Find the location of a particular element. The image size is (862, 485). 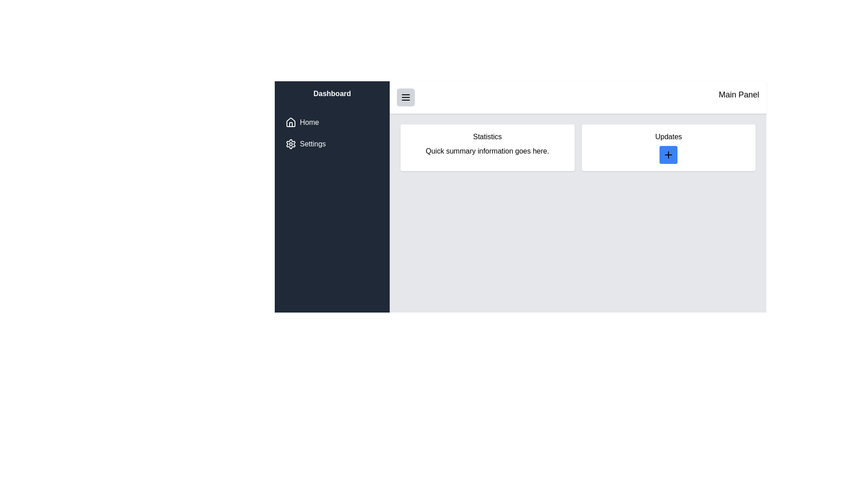

the 'Settings' icon located in the left sidebar is located at coordinates (291, 143).